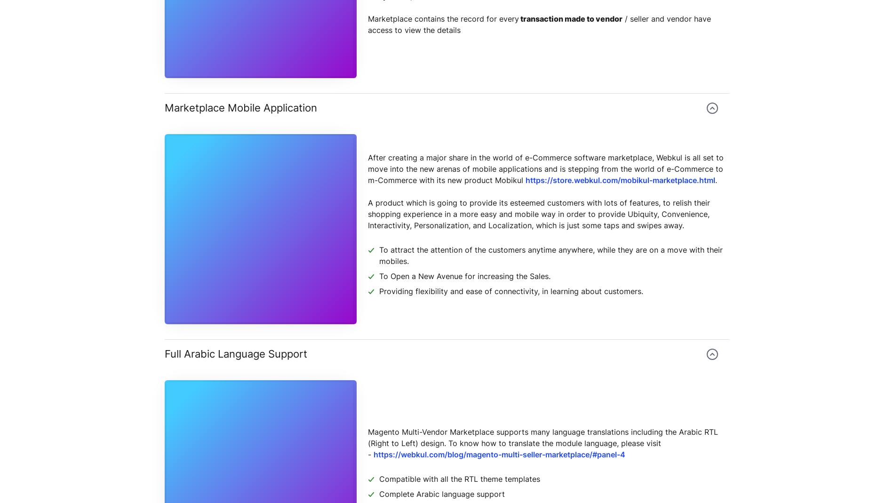 The width and height of the screenshot is (894, 503). I want to click on 'https://webkul.com/blog/magento-multi-seller-marketplace/#panel-4', so click(499, 454).